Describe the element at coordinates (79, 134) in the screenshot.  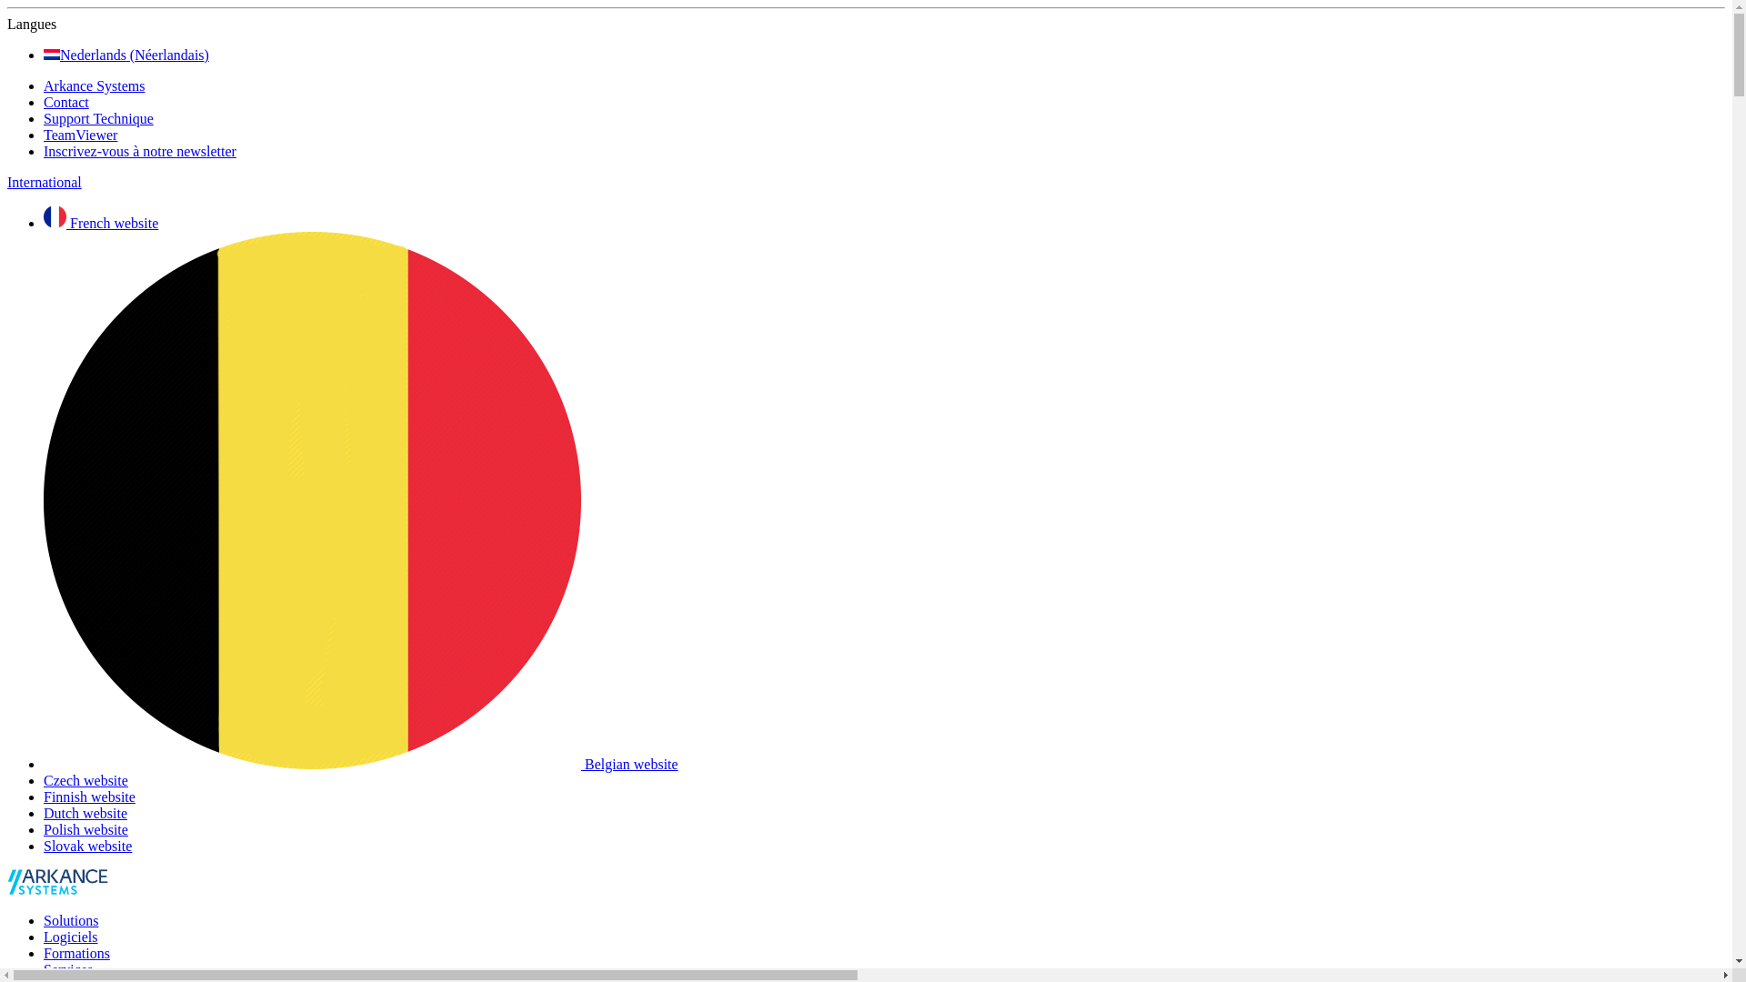
I see `'TeamViewer'` at that location.